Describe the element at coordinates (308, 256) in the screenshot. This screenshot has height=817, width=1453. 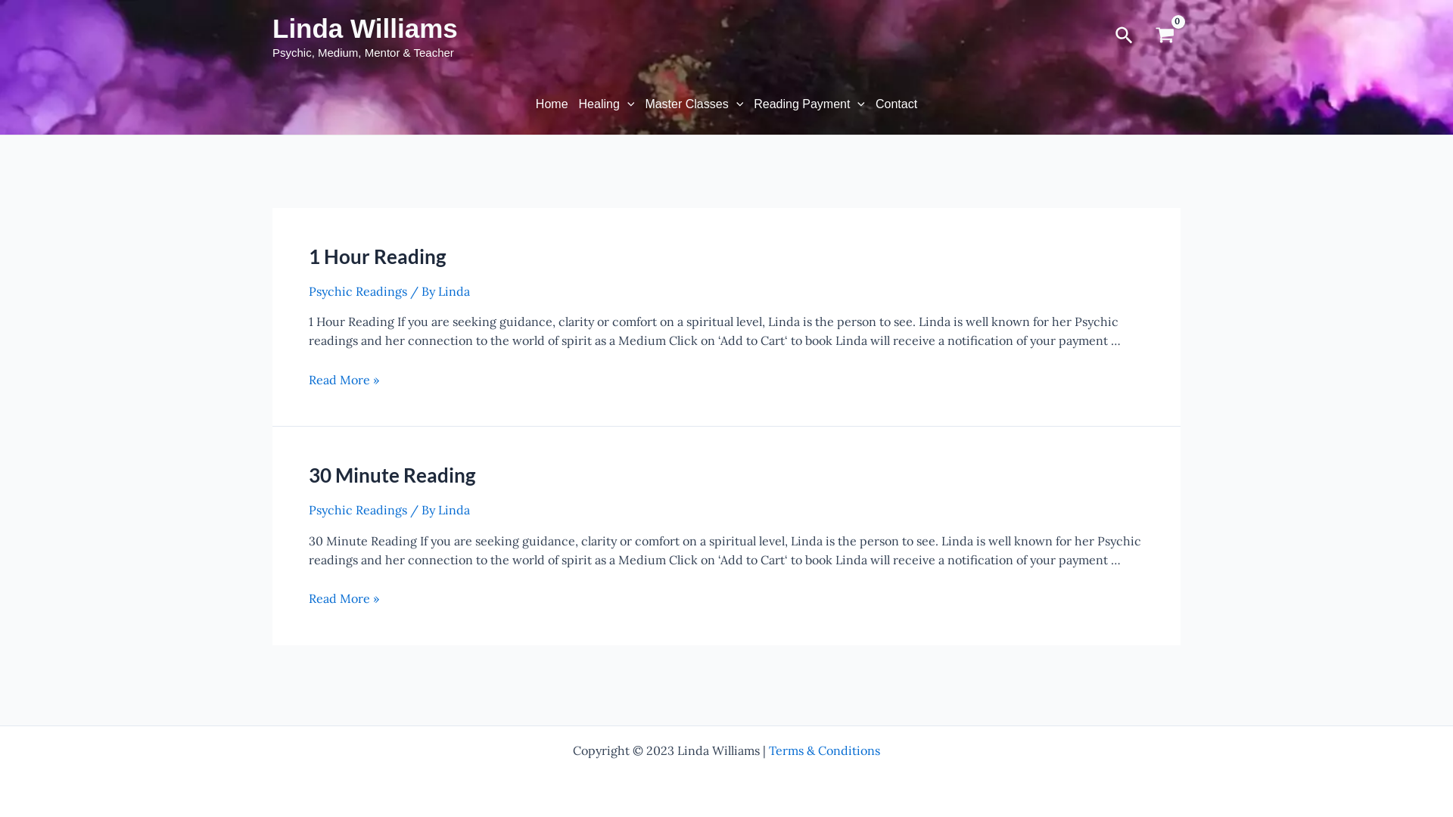
I see `'1 Hour Reading'` at that location.